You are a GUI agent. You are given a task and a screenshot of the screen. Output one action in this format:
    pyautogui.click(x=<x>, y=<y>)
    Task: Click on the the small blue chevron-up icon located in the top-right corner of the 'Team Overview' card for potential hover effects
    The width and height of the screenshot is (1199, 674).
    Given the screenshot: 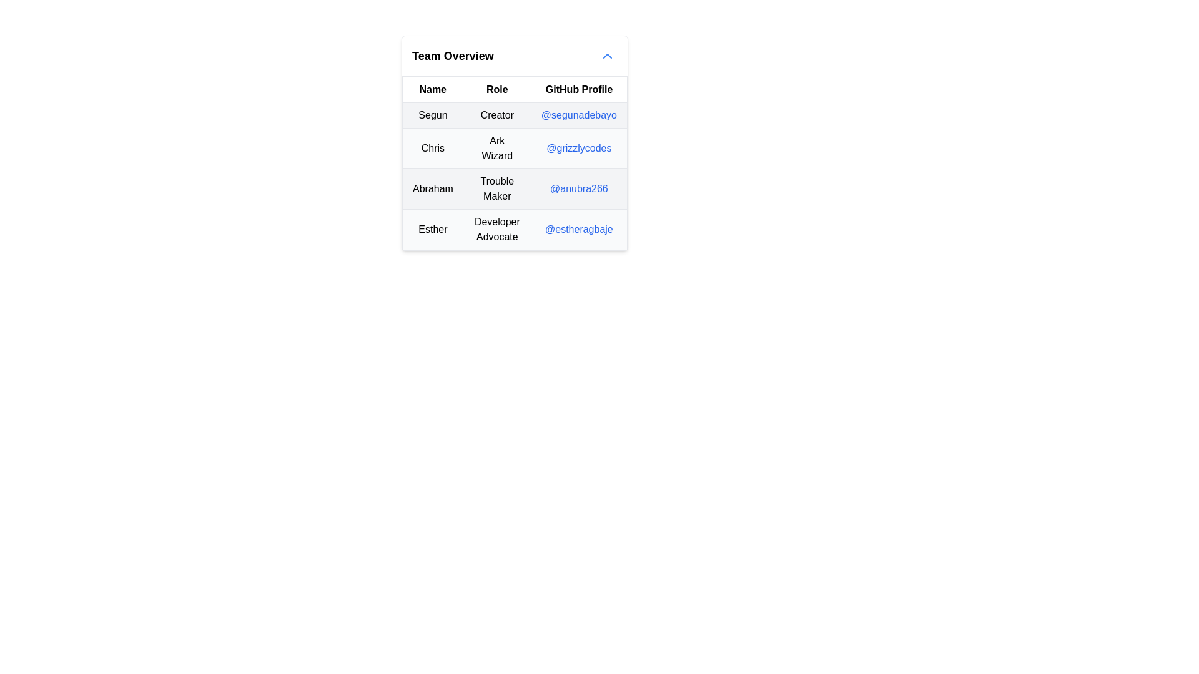 What is the action you would take?
    pyautogui.click(x=608, y=55)
    